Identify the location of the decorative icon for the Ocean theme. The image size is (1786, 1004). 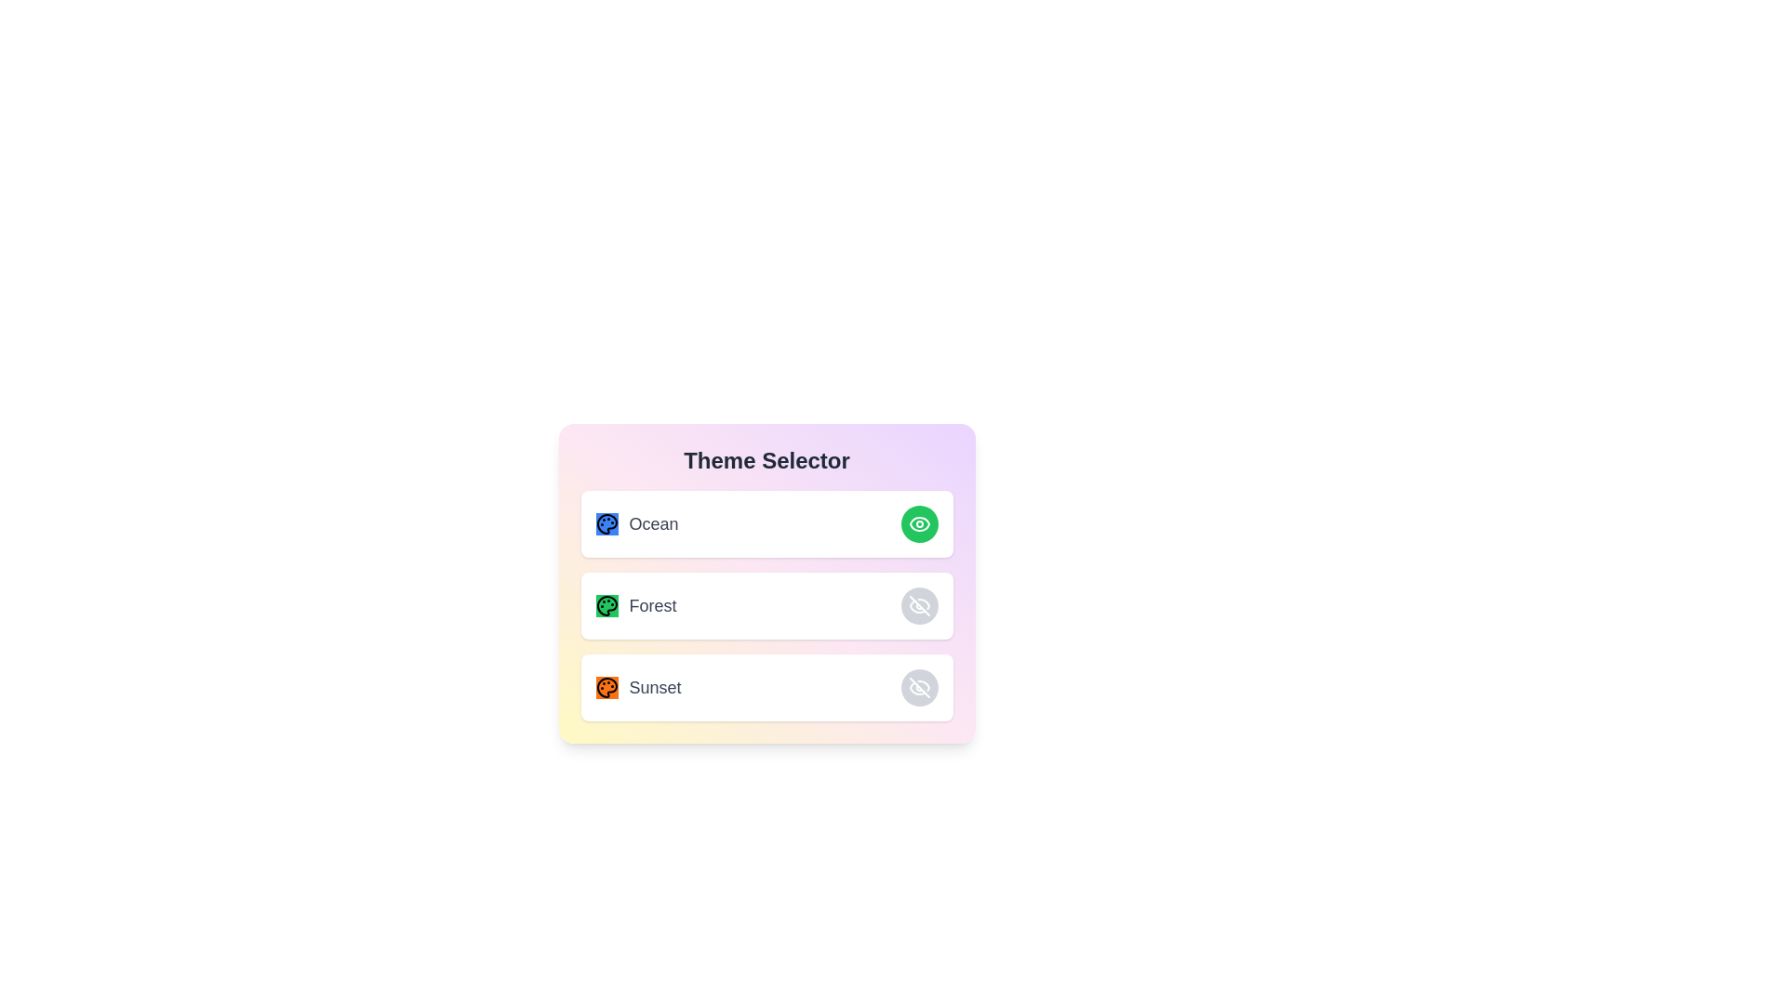
(606, 523).